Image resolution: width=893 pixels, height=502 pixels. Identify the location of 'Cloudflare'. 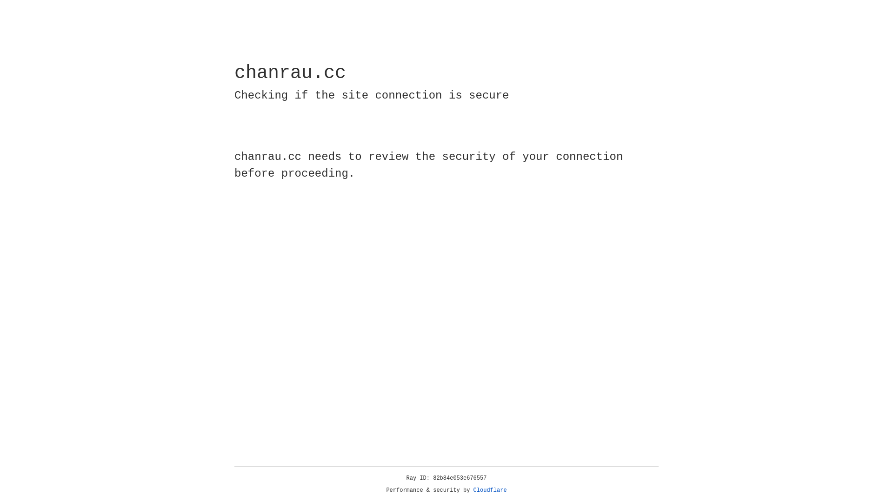
(473, 490).